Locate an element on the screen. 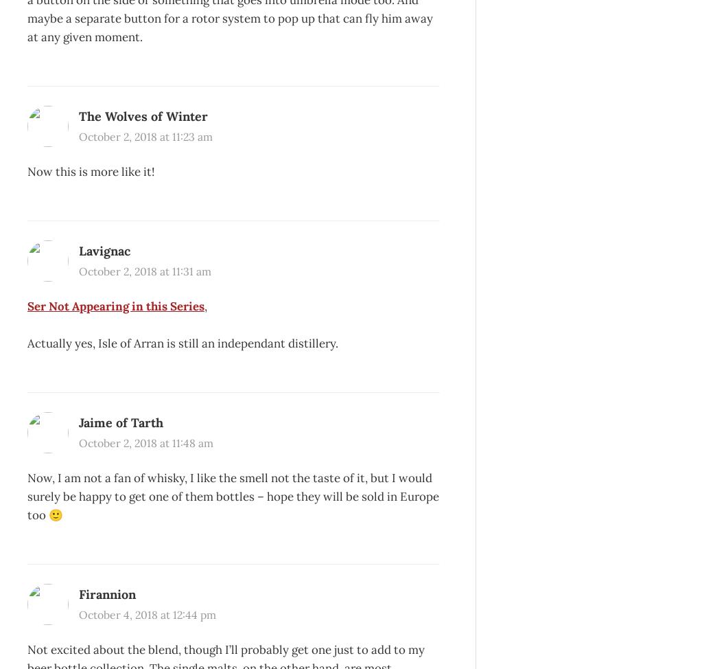 This screenshot has width=715, height=669. 'October 2, 2018 at 11:48 am' is located at coordinates (145, 442).